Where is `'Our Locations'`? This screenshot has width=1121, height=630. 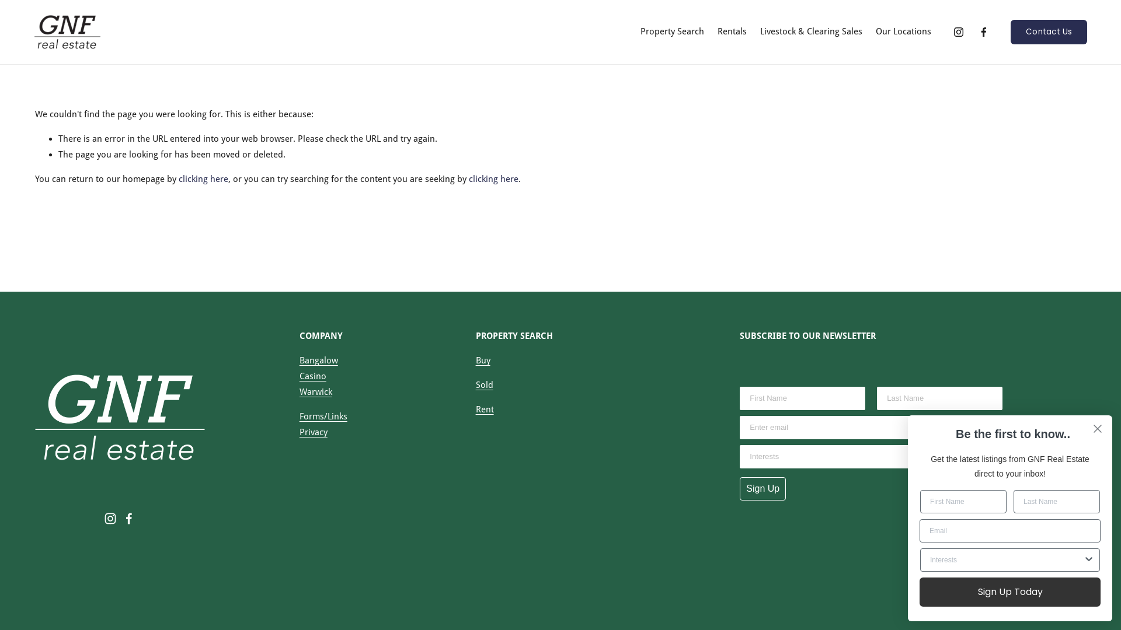 'Our Locations' is located at coordinates (903, 31).